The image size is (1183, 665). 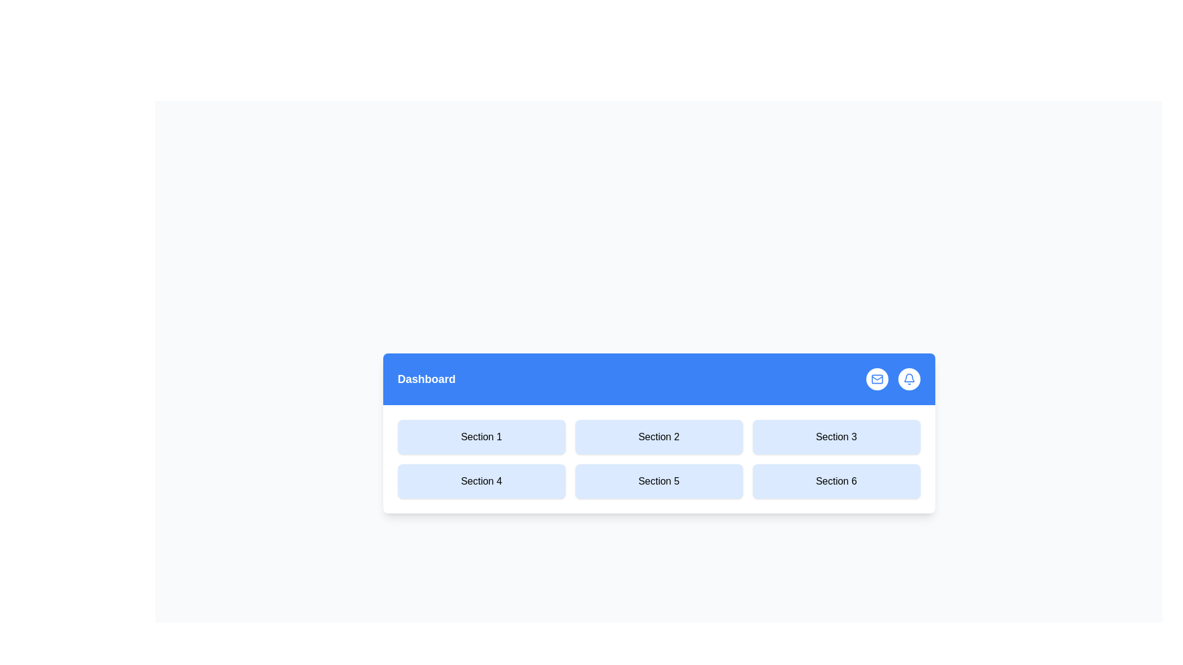 I want to click on the bell-shaped icon with a notification badge located in the top-right corner of the navigation bar, so click(x=909, y=379).